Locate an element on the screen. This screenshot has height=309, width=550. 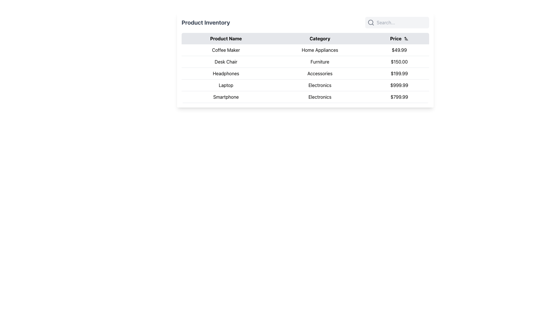
the fourth row in the 'Product Inventory' table, which displays the product 'Laptop', categorized under 'Electronics', priced at '$999.99' is located at coordinates (305, 85).